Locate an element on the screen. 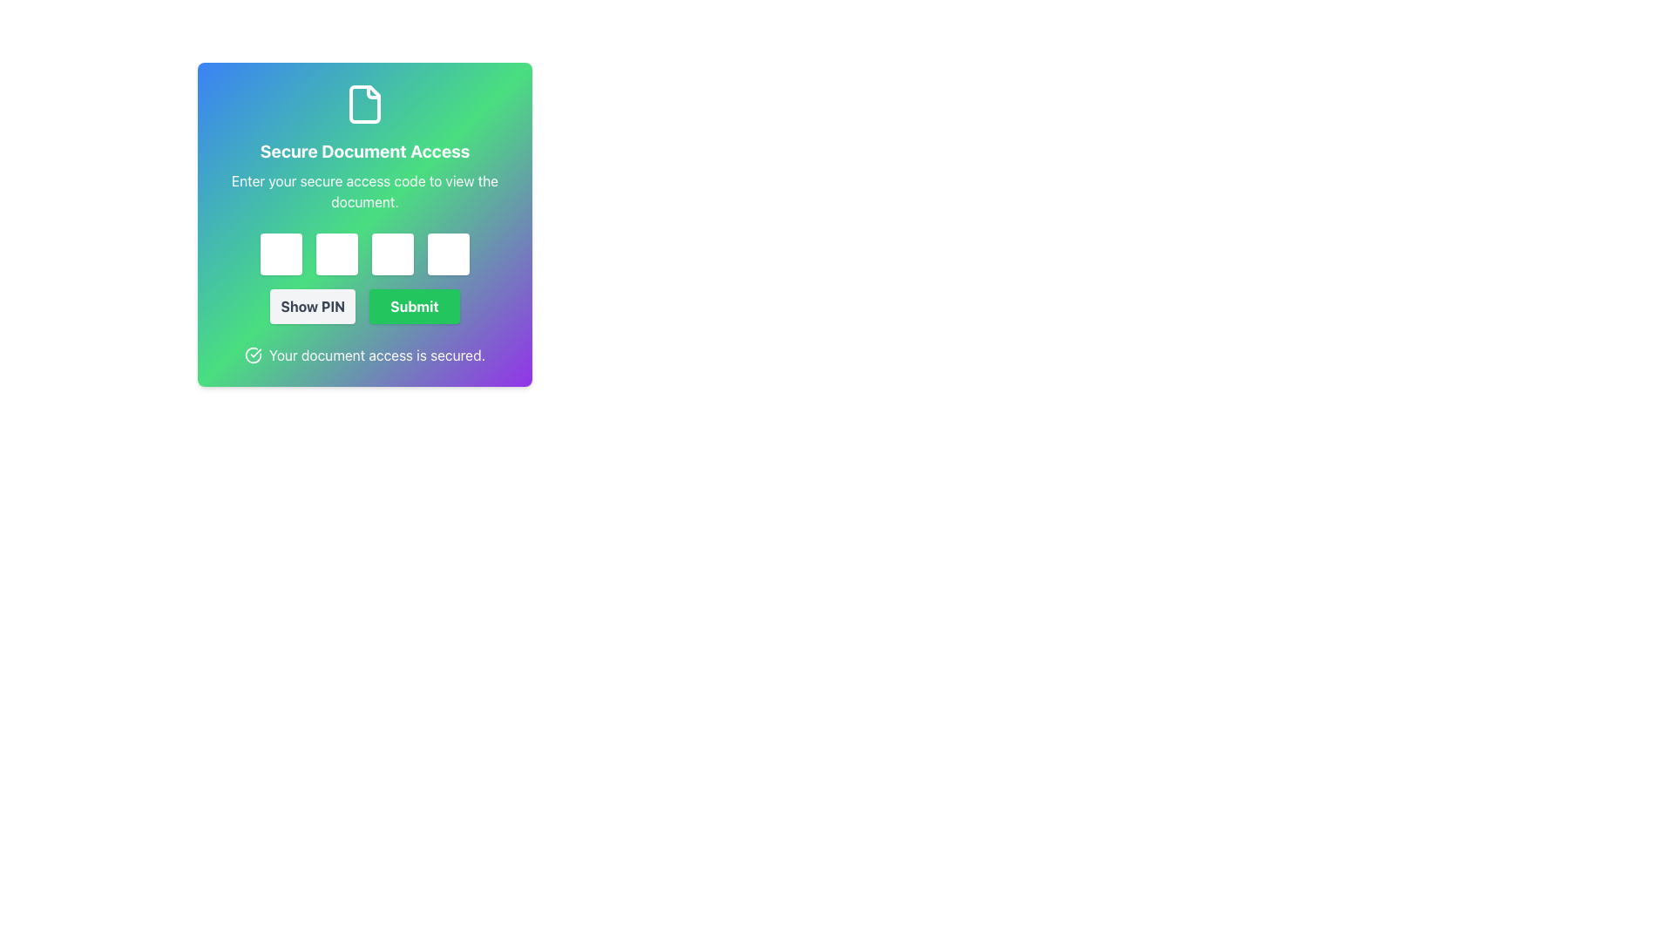 The height and width of the screenshot is (941, 1673). the secure PIN input field is located at coordinates (363, 254).